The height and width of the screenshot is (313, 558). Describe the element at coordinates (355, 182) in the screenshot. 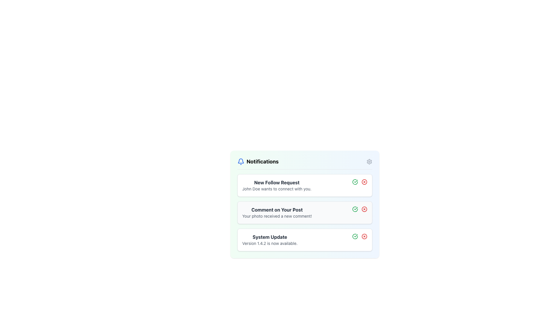

I see `the circular green icon button with a checkmark, located to the right of 'New Follow Request'` at that location.